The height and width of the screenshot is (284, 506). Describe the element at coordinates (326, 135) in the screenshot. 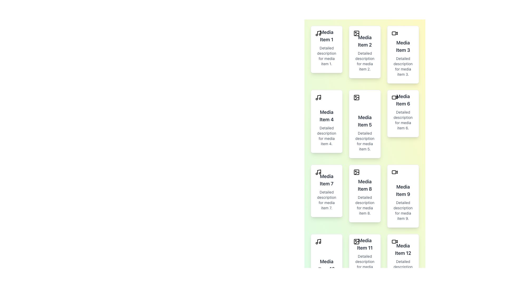

I see `the static text label that provides supplementary information for 'Media Item 4', located in the second row and left column of the grid layout` at that location.